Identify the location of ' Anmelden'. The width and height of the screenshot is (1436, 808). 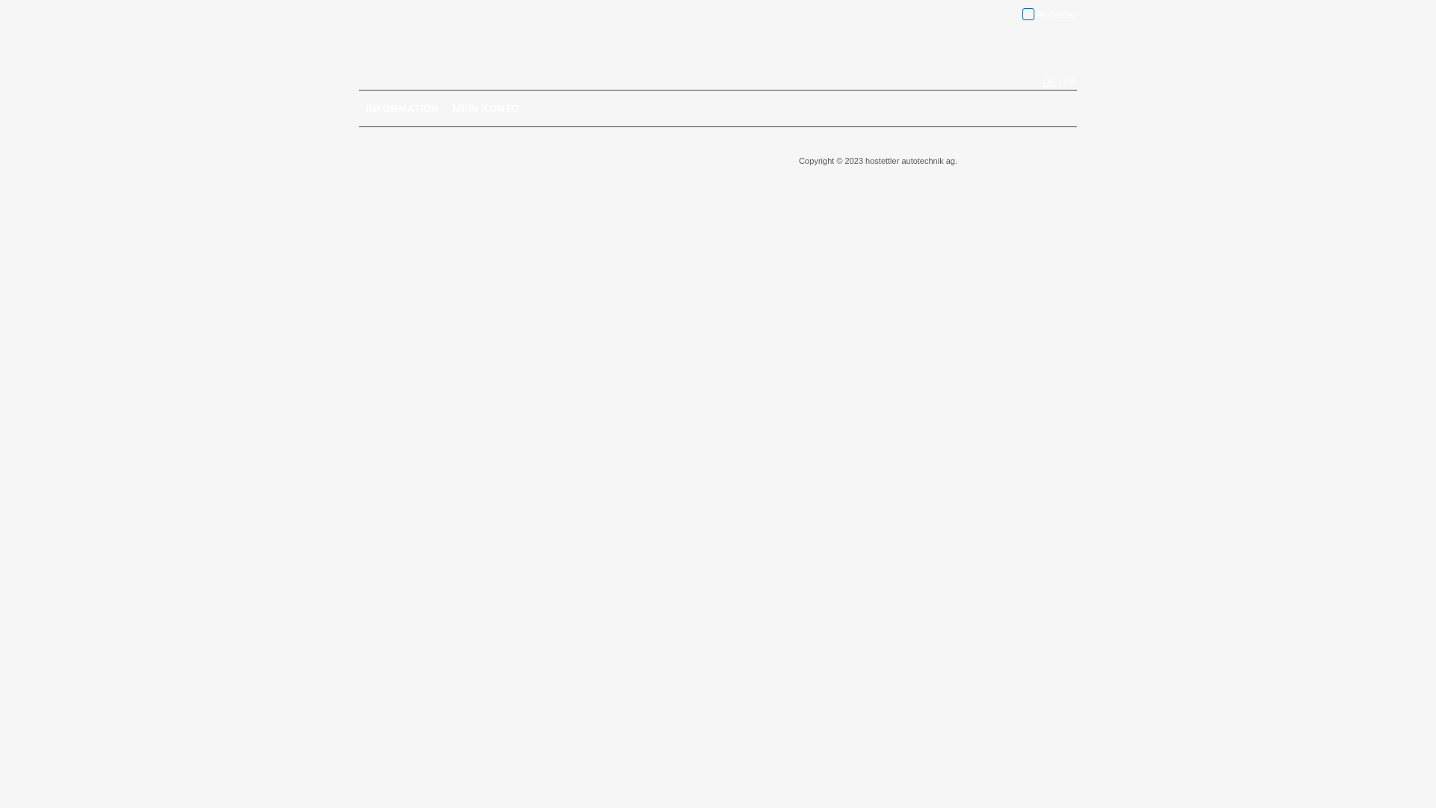
(1022, 14).